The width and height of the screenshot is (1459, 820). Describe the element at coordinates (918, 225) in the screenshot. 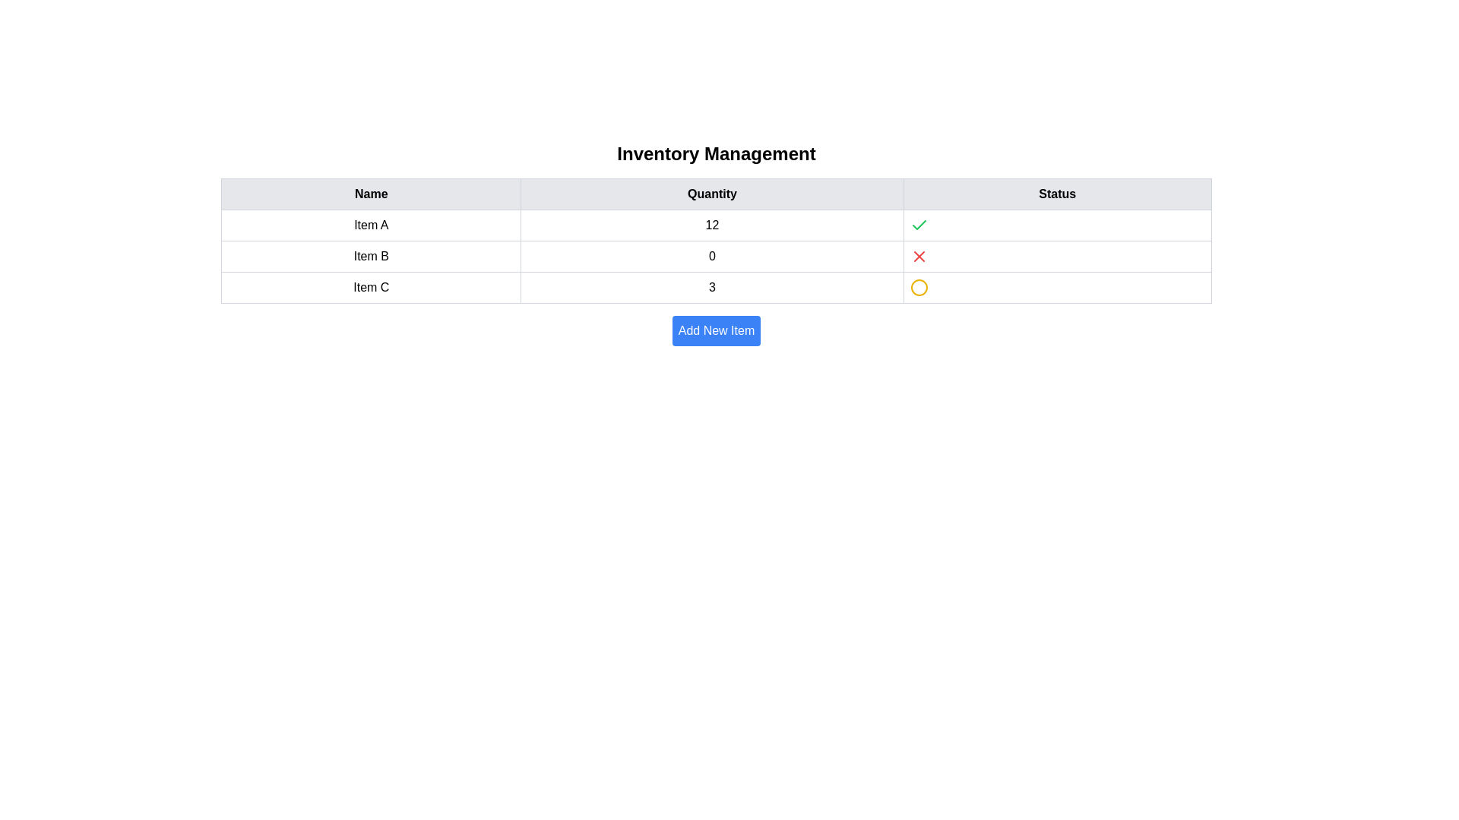

I see `the positive state confirmation icon for 'Item A' located in the first row of the 'Status' column adjacent to the quantity value '12'` at that location.